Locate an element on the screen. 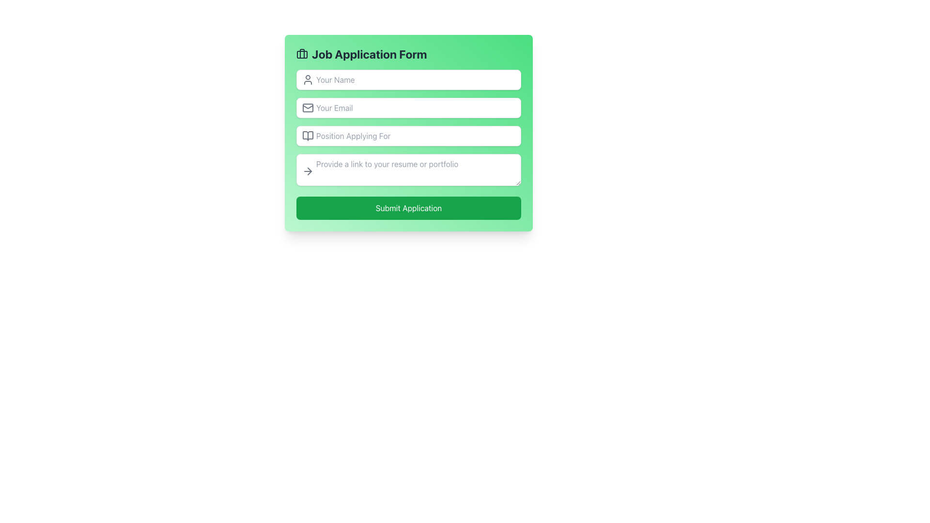 This screenshot has height=523, width=930. the vertical handle bar of the briefcase icon located above the 'Job Application Form' text is located at coordinates (302, 54).